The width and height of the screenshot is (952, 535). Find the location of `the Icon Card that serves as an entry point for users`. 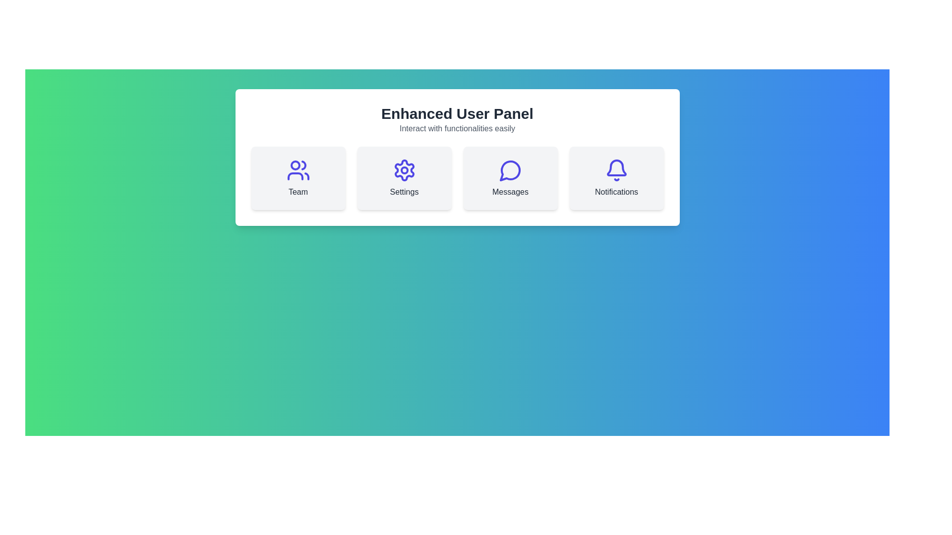

the Icon Card that serves as an entry point for users is located at coordinates (616, 177).